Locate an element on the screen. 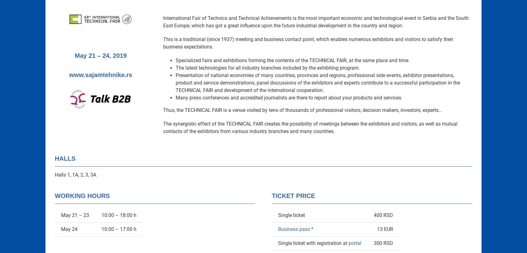  'Specialized fairs and exhibitions forming the contents of the TECHNICAL FAIR, at the same place and time.' is located at coordinates (292, 60).